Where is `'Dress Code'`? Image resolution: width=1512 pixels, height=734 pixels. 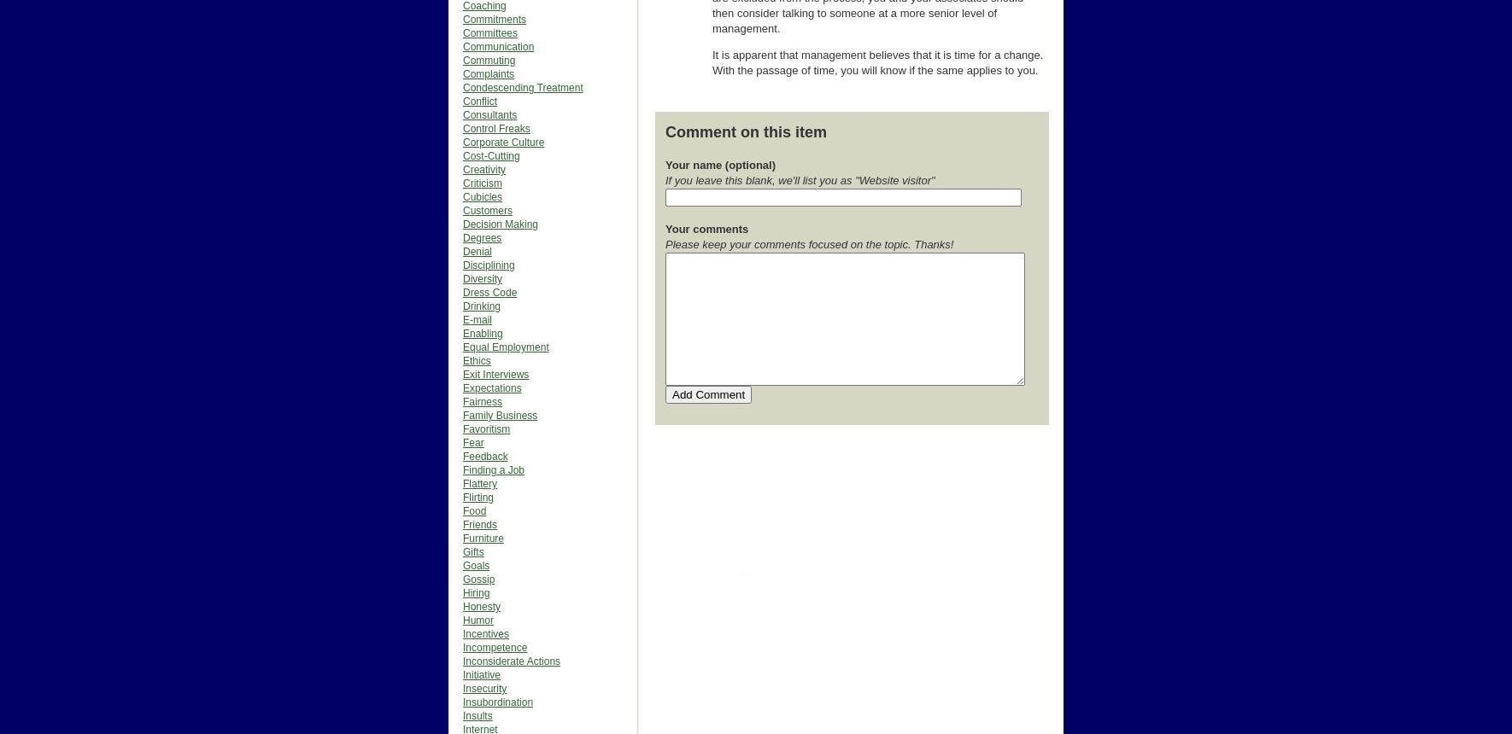 'Dress Code' is located at coordinates (489, 292).